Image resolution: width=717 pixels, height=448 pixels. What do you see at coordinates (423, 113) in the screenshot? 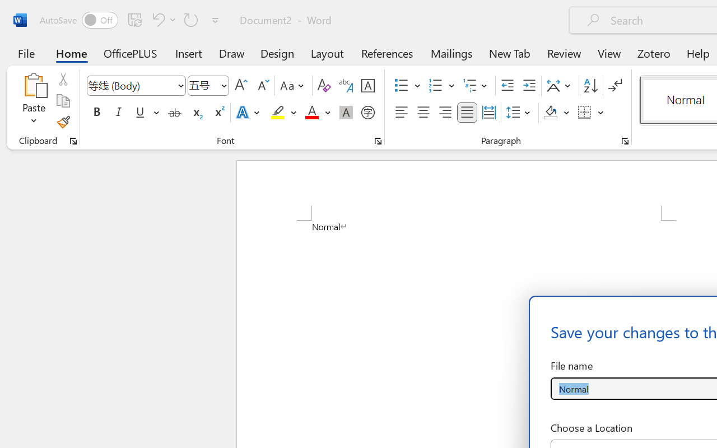
I see `'Center'` at bounding box center [423, 113].